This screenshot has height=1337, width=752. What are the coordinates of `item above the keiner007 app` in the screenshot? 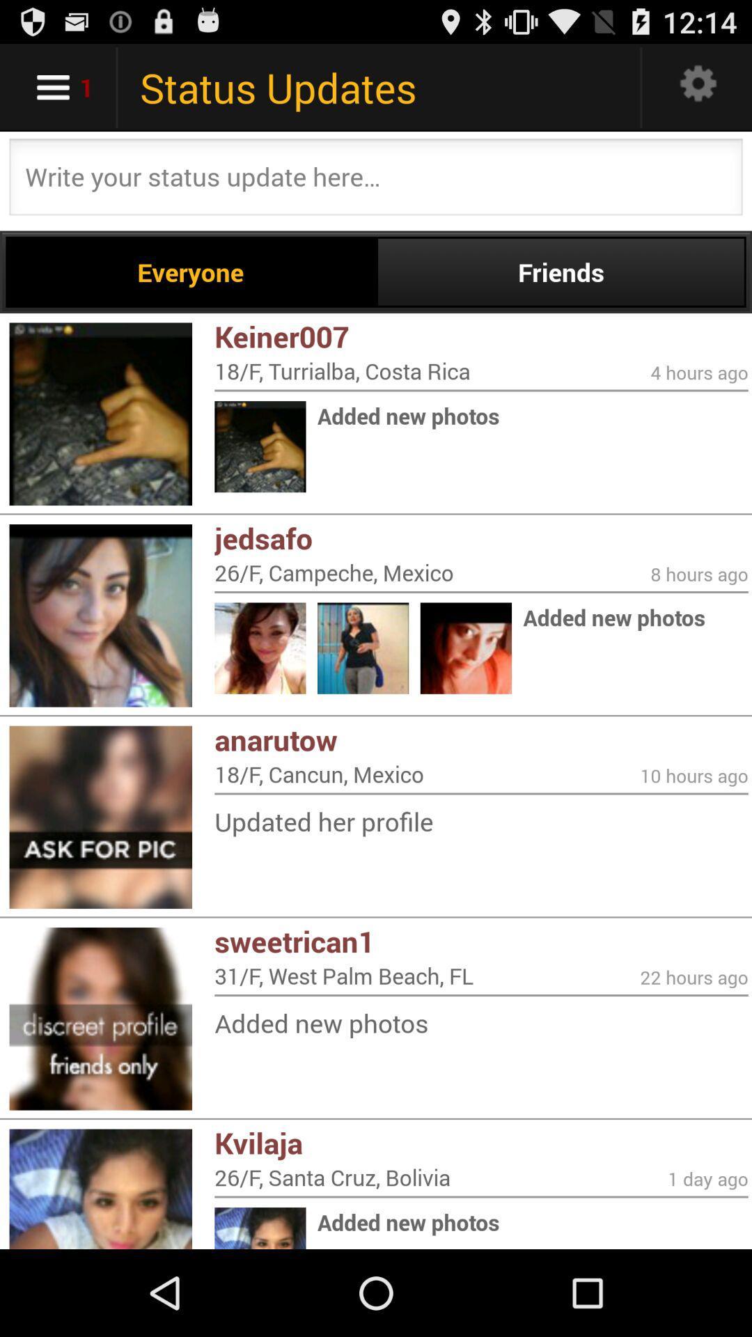 It's located at (560, 272).